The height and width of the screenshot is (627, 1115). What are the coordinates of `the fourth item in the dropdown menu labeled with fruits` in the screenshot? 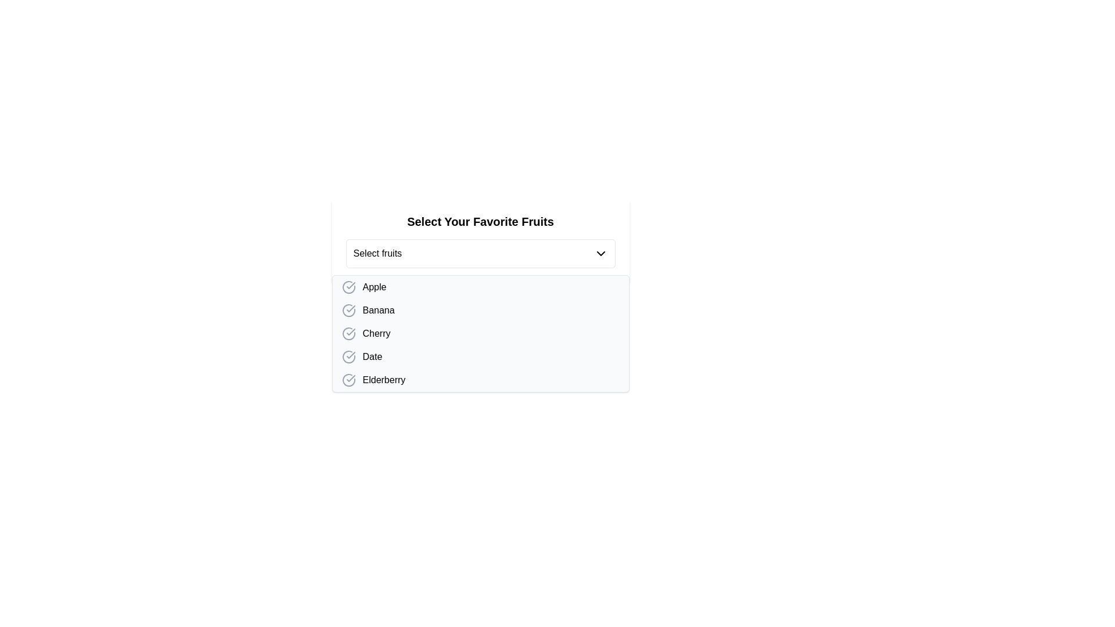 It's located at (480, 356).